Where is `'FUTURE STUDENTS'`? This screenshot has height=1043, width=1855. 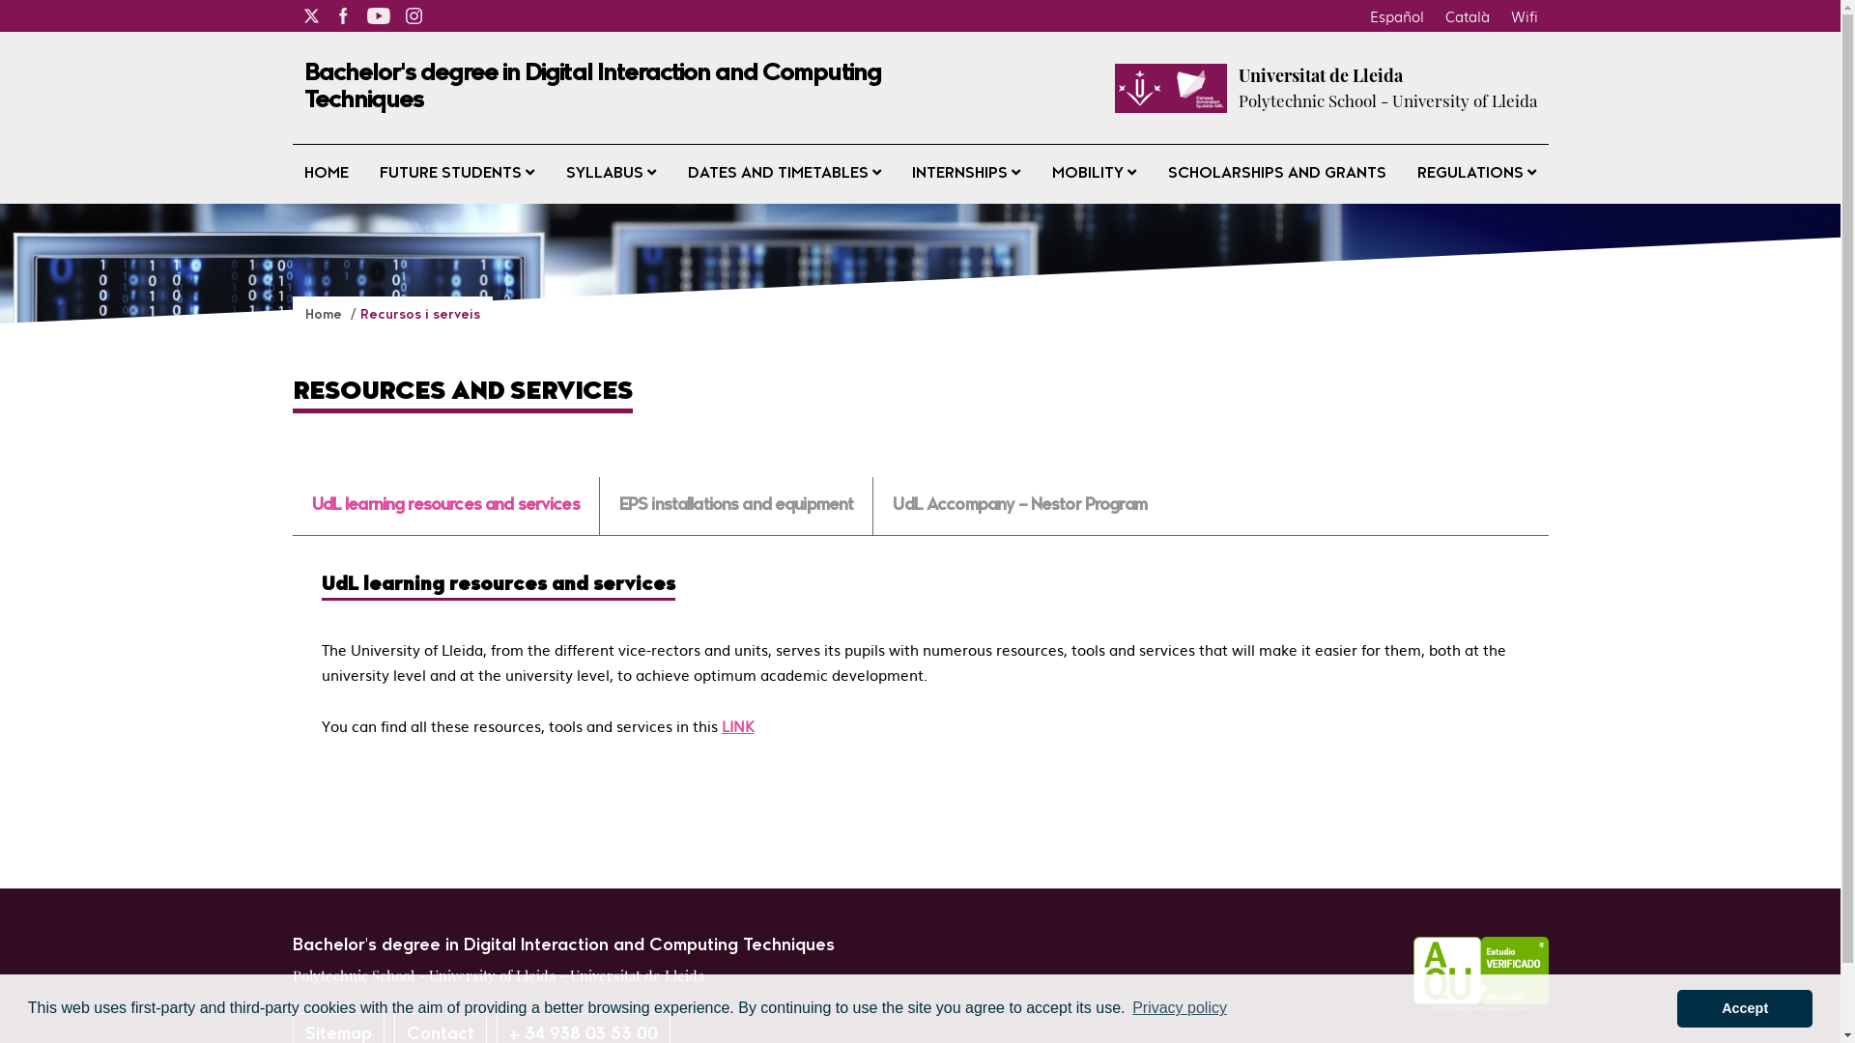 'FUTURE STUDENTS' is located at coordinates (456, 174).